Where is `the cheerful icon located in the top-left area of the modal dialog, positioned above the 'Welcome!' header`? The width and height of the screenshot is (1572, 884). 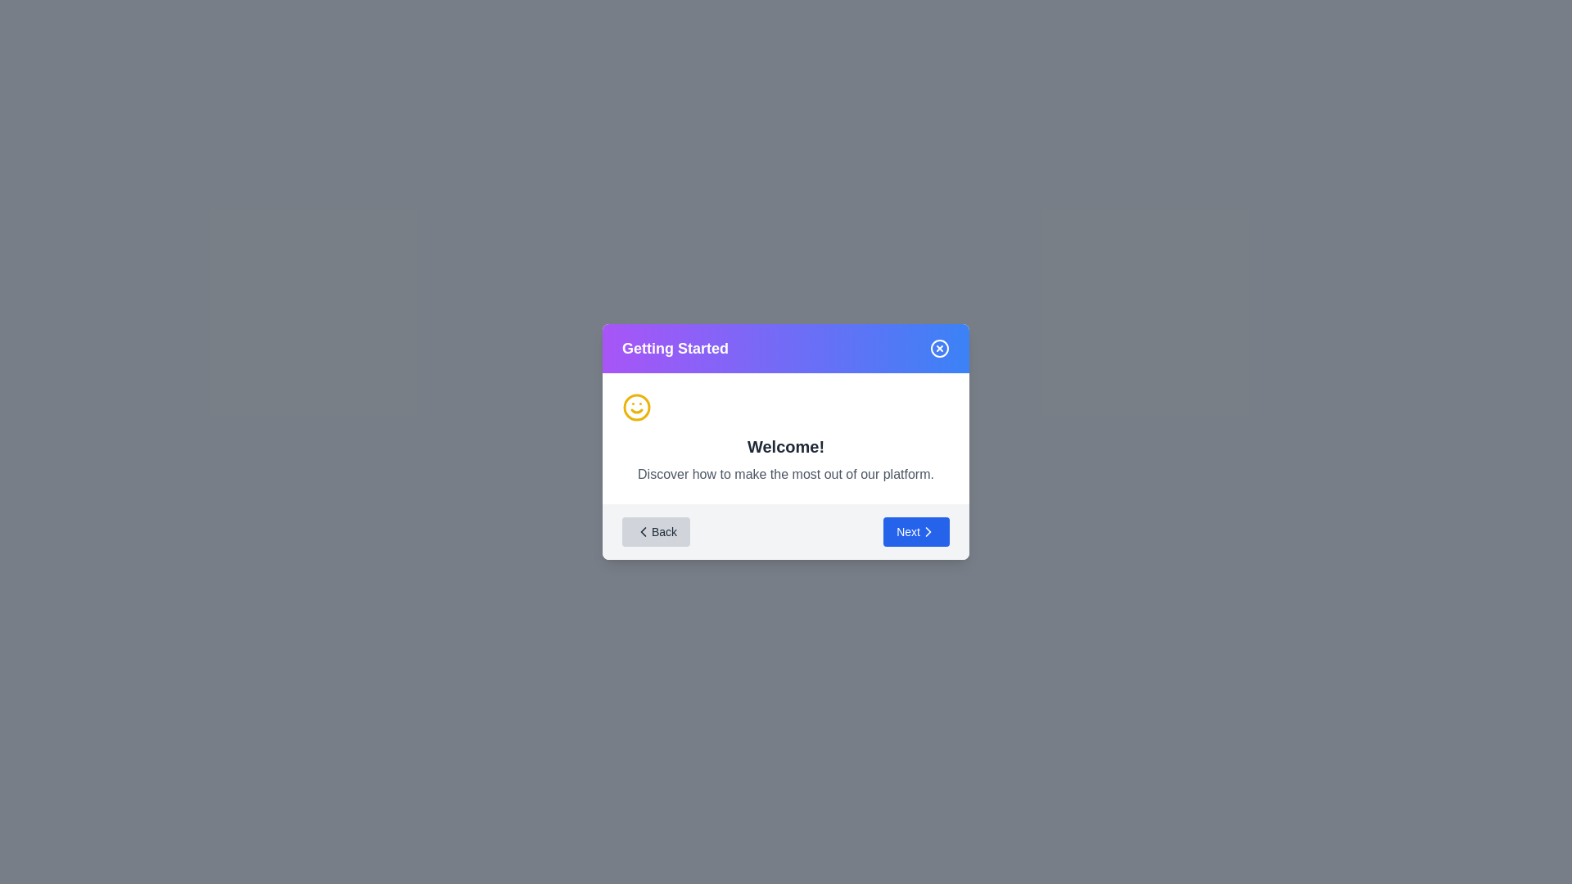 the cheerful icon located in the top-left area of the modal dialog, positioned above the 'Welcome!' header is located at coordinates (635, 406).